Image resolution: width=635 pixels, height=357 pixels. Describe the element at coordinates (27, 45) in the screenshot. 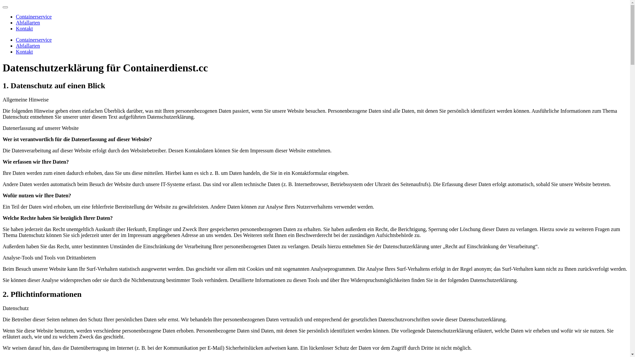

I see `'Abfallarten'` at that location.